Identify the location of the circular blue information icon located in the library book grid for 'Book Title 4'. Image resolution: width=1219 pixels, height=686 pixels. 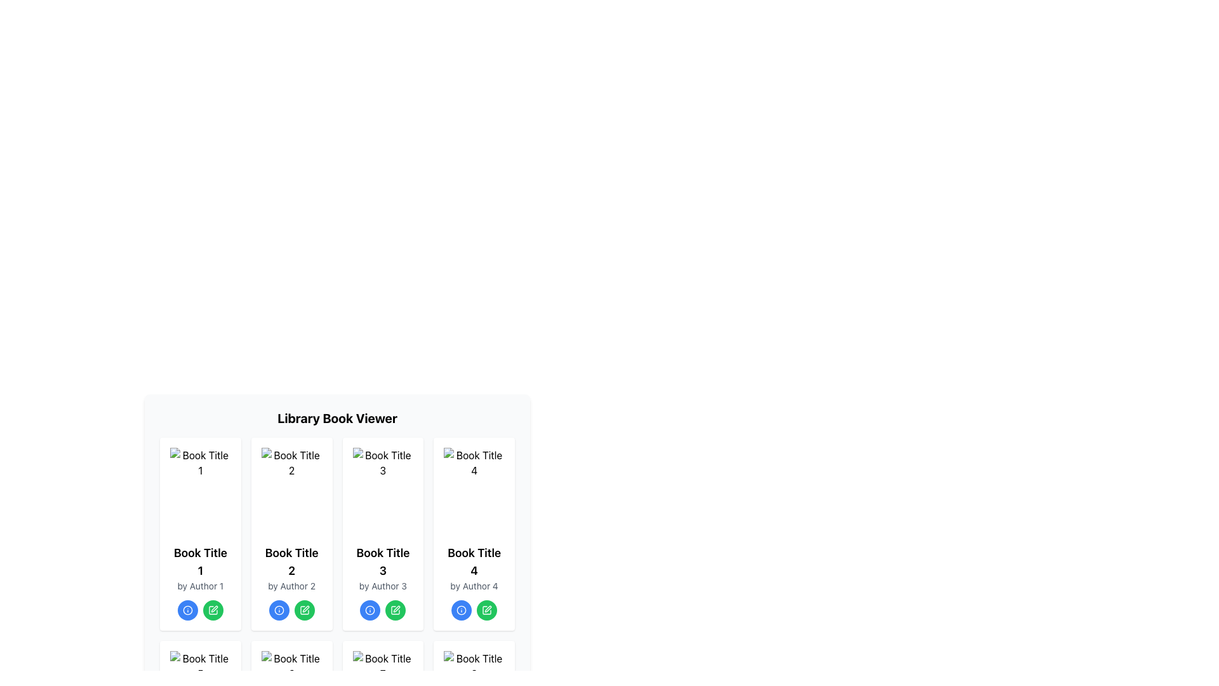
(461, 609).